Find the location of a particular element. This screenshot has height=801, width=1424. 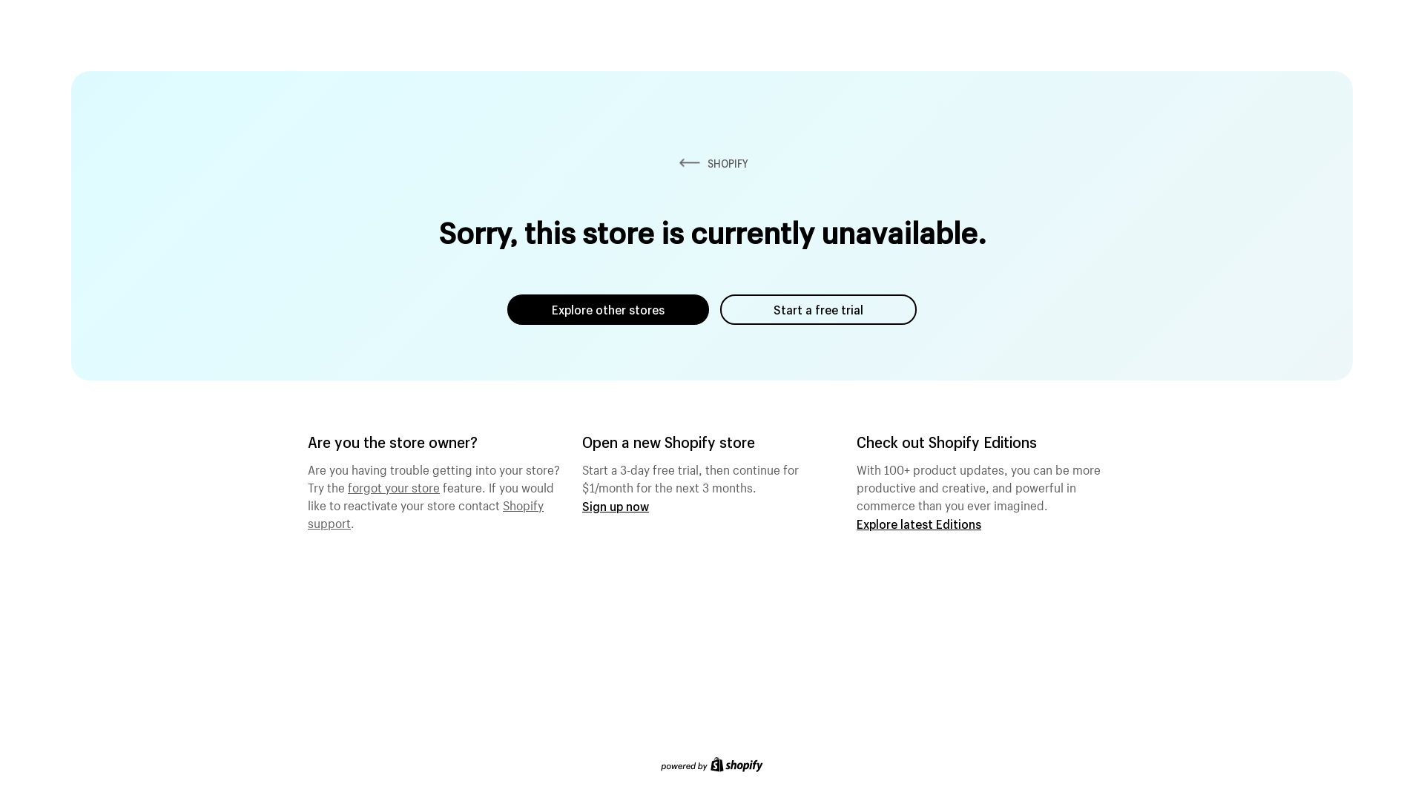

'Sign up now' is located at coordinates (581, 505).